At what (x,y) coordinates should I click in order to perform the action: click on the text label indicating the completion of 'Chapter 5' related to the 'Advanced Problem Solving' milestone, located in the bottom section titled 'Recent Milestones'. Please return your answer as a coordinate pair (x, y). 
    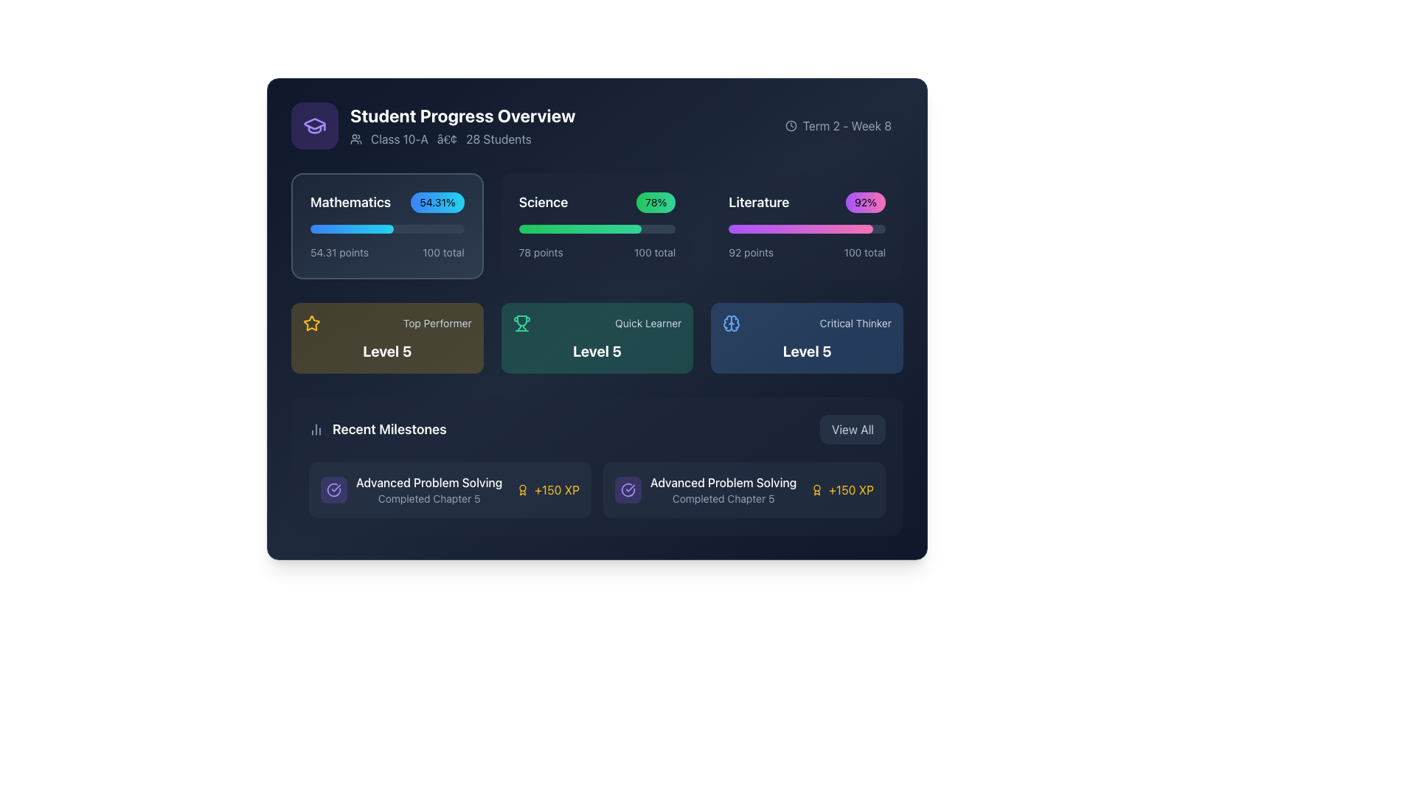
    Looking at the image, I should click on (723, 498).